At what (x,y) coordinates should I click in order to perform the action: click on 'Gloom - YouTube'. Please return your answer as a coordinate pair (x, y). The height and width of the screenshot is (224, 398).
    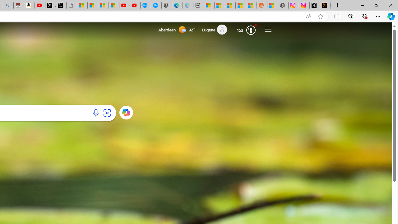
    Looking at the image, I should click on (124, 5).